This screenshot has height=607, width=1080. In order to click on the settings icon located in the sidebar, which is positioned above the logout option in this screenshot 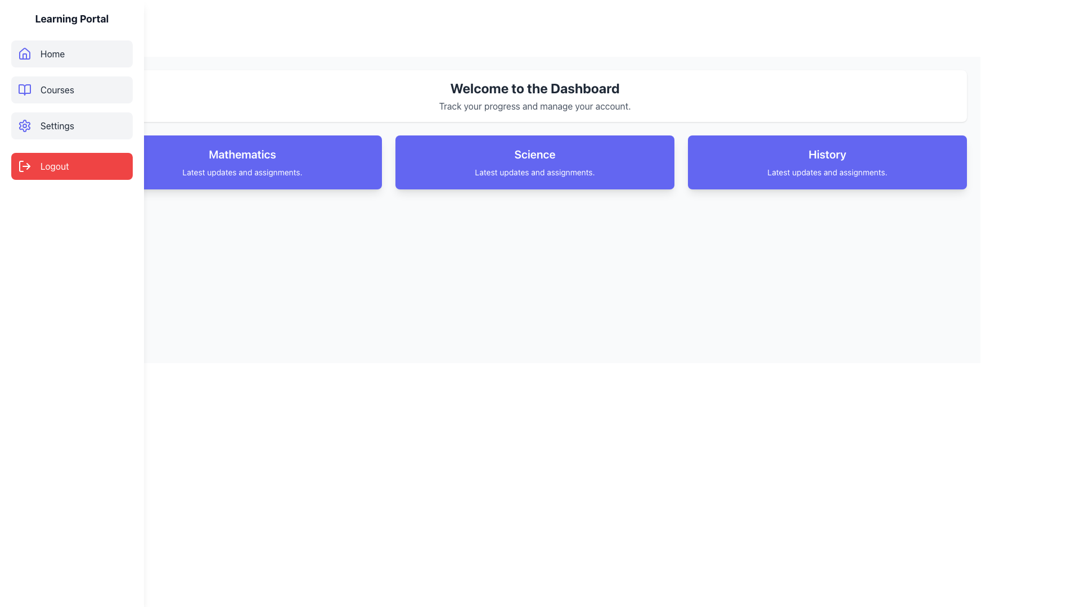, I will do `click(24, 125)`.